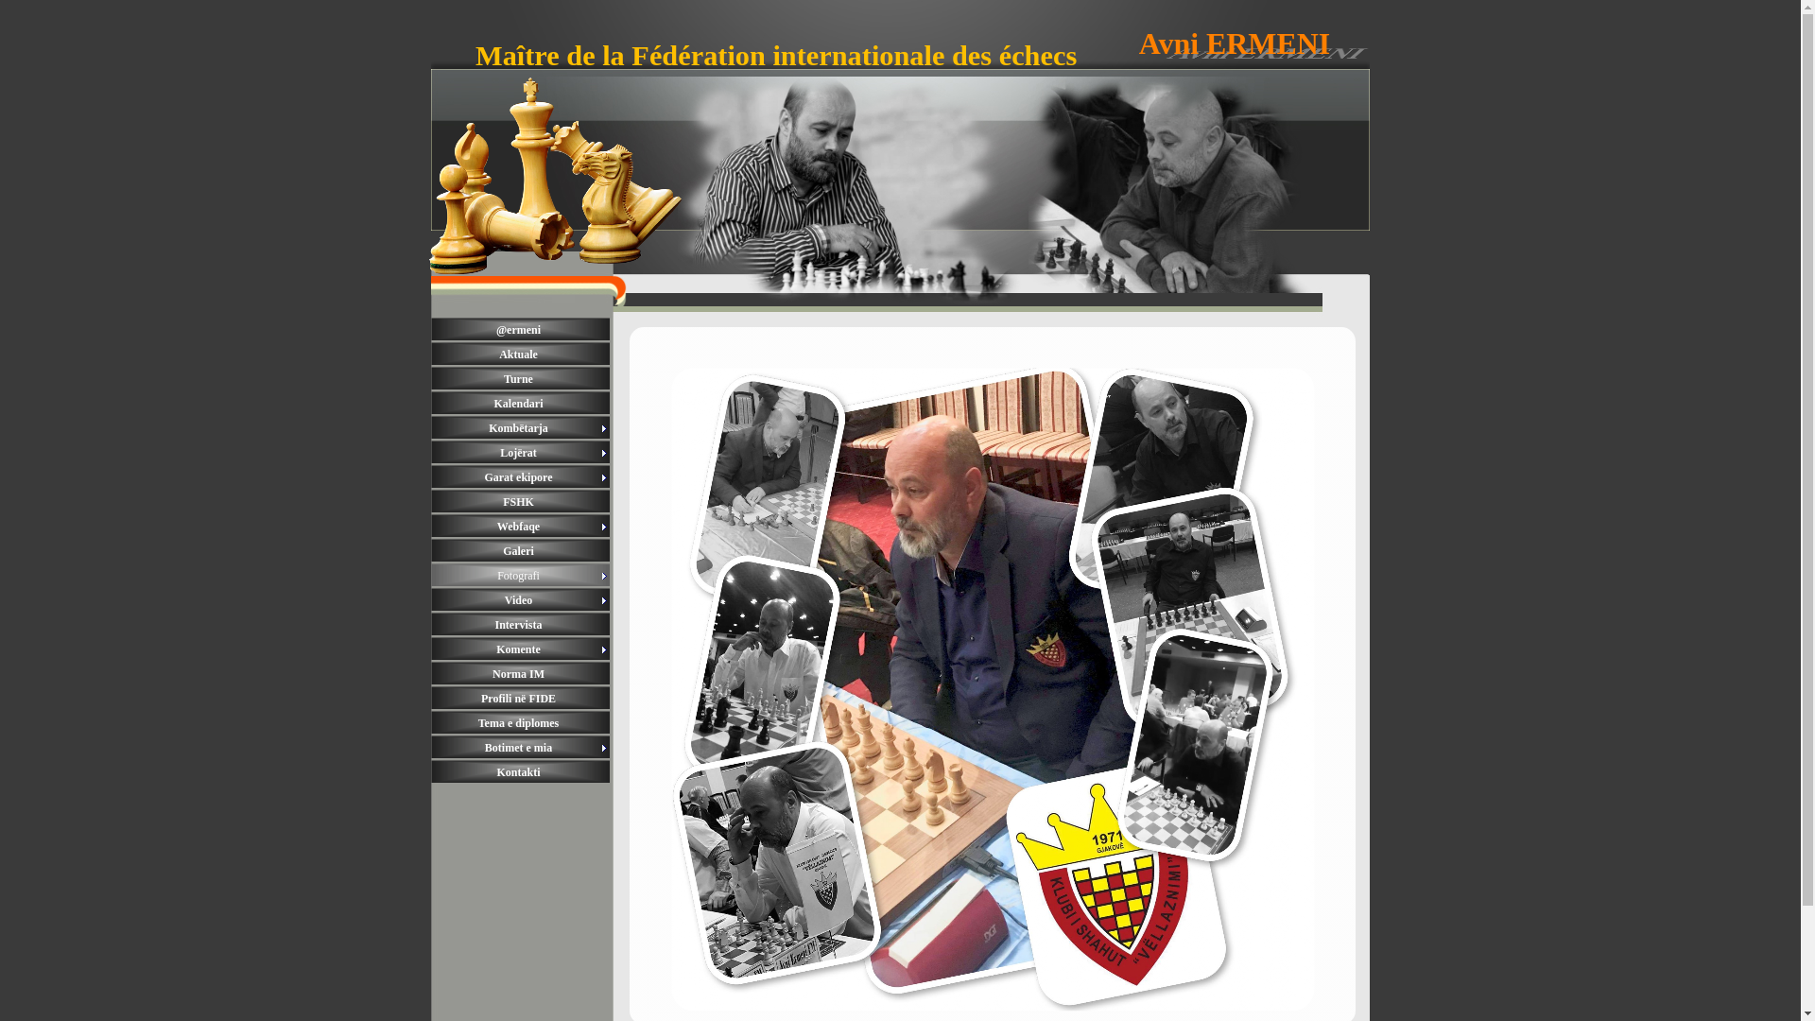 Image resolution: width=1815 pixels, height=1021 pixels. I want to click on '@ermeni', so click(521, 328).